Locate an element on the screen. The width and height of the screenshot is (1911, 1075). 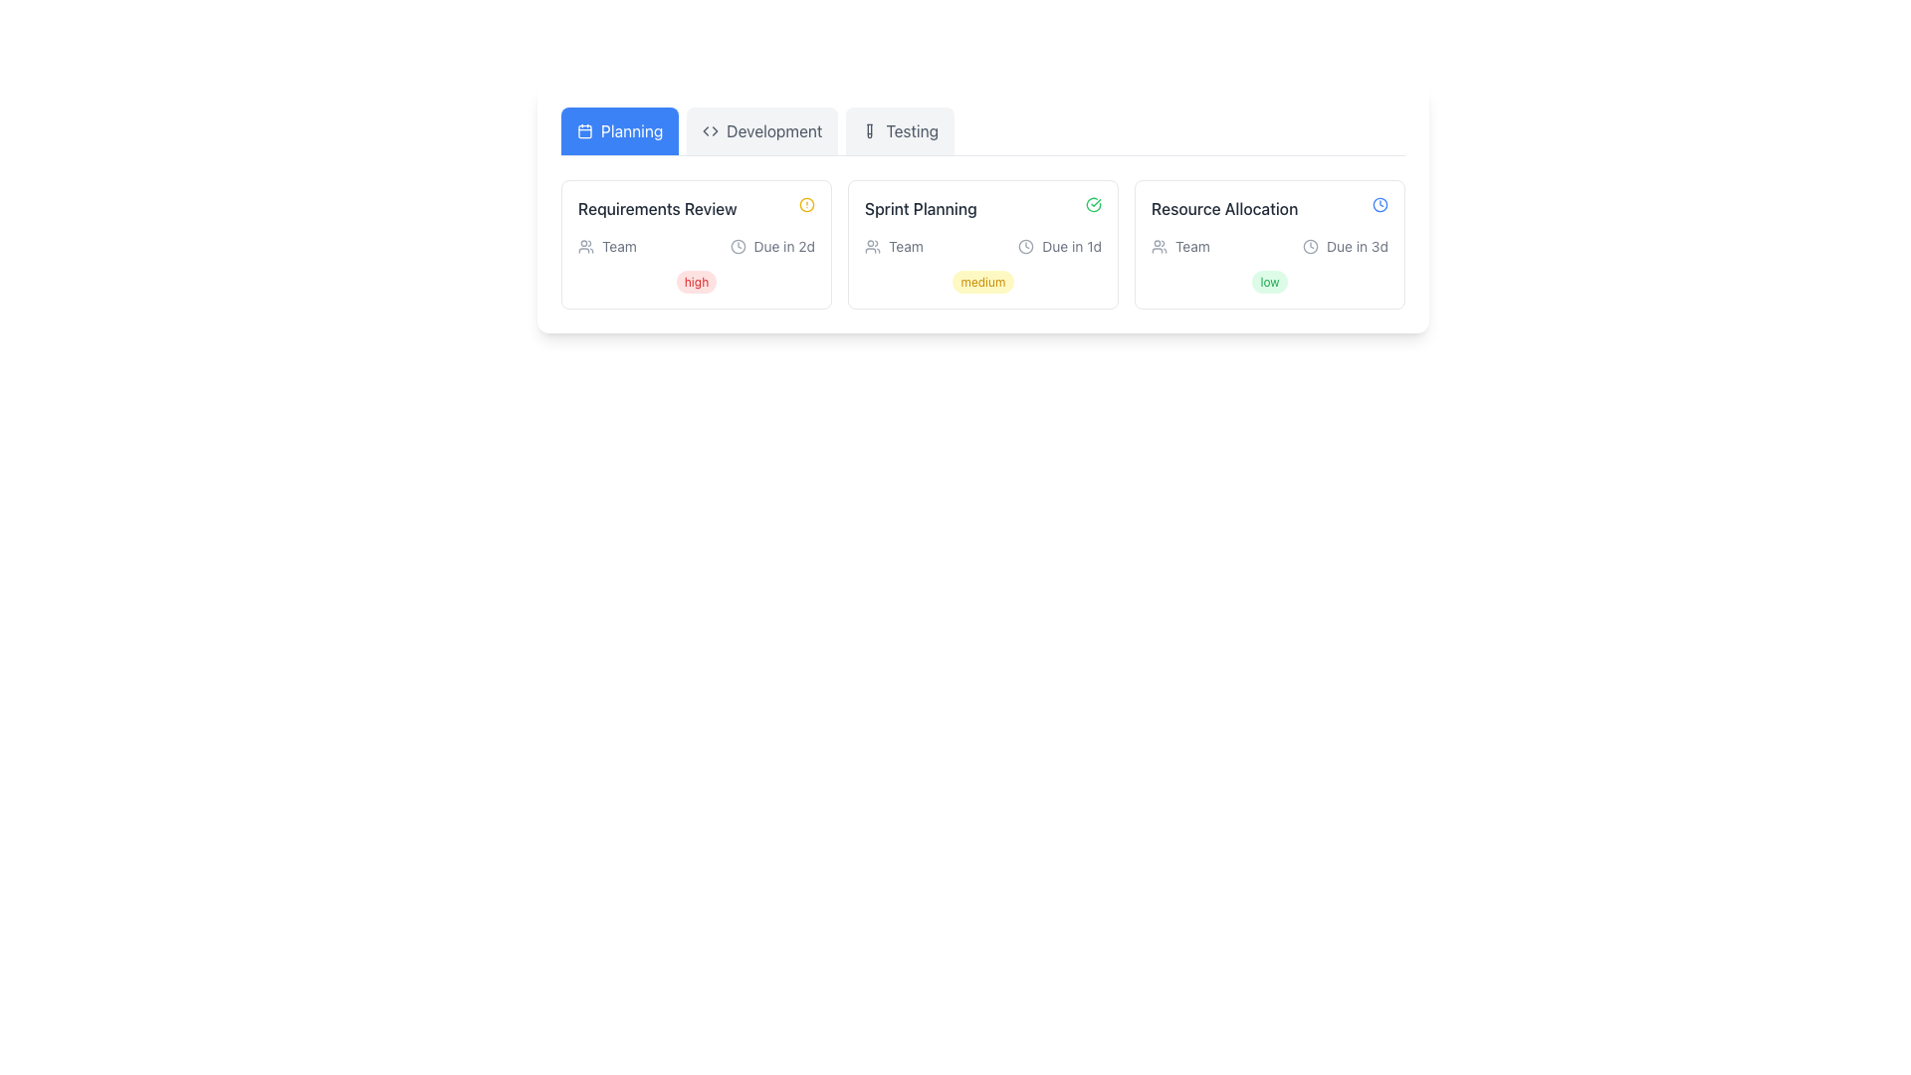
the SVG circle graphic that serves as the circular base of a clock icon, located adjacent to the text 'Resource Allocation' in the third column of the displayed interface under the 'Planning' tab is located at coordinates (737, 245).